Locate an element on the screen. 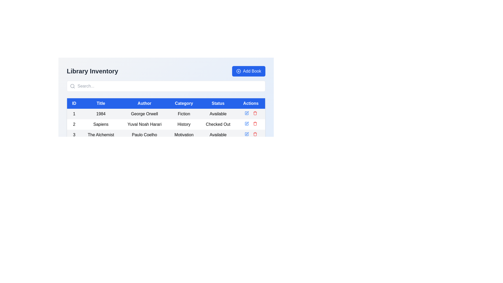  the red trash icon in the Actions column of the table for the book 'Sapiens' is located at coordinates (250, 124).